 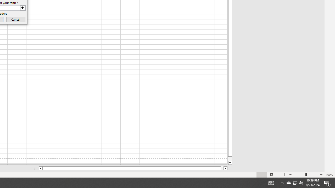 What do you see at coordinates (321, 175) in the screenshot?
I see `'Zoom In'` at bounding box center [321, 175].